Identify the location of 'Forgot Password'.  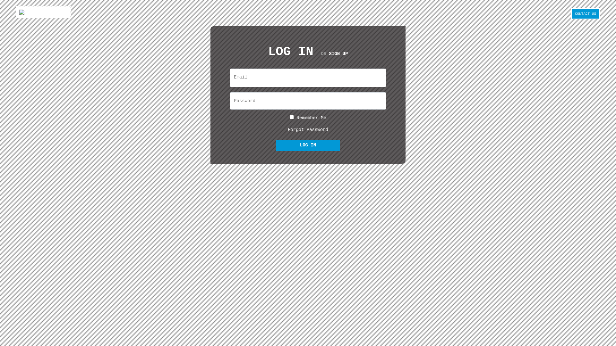
(308, 130).